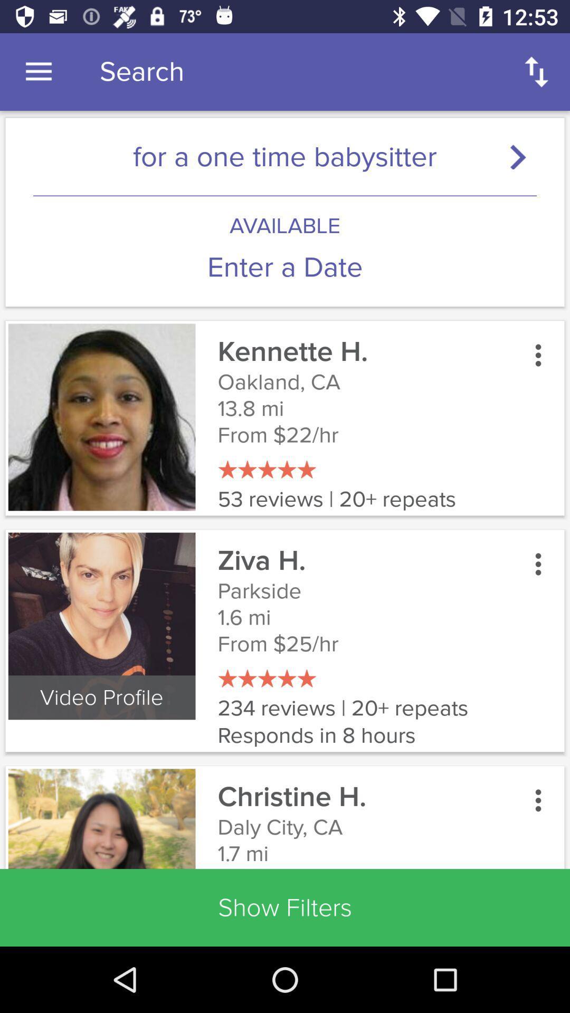  What do you see at coordinates (522, 156) in the screenshot?
I see `babysitter type` at bounding box center [522, 156].